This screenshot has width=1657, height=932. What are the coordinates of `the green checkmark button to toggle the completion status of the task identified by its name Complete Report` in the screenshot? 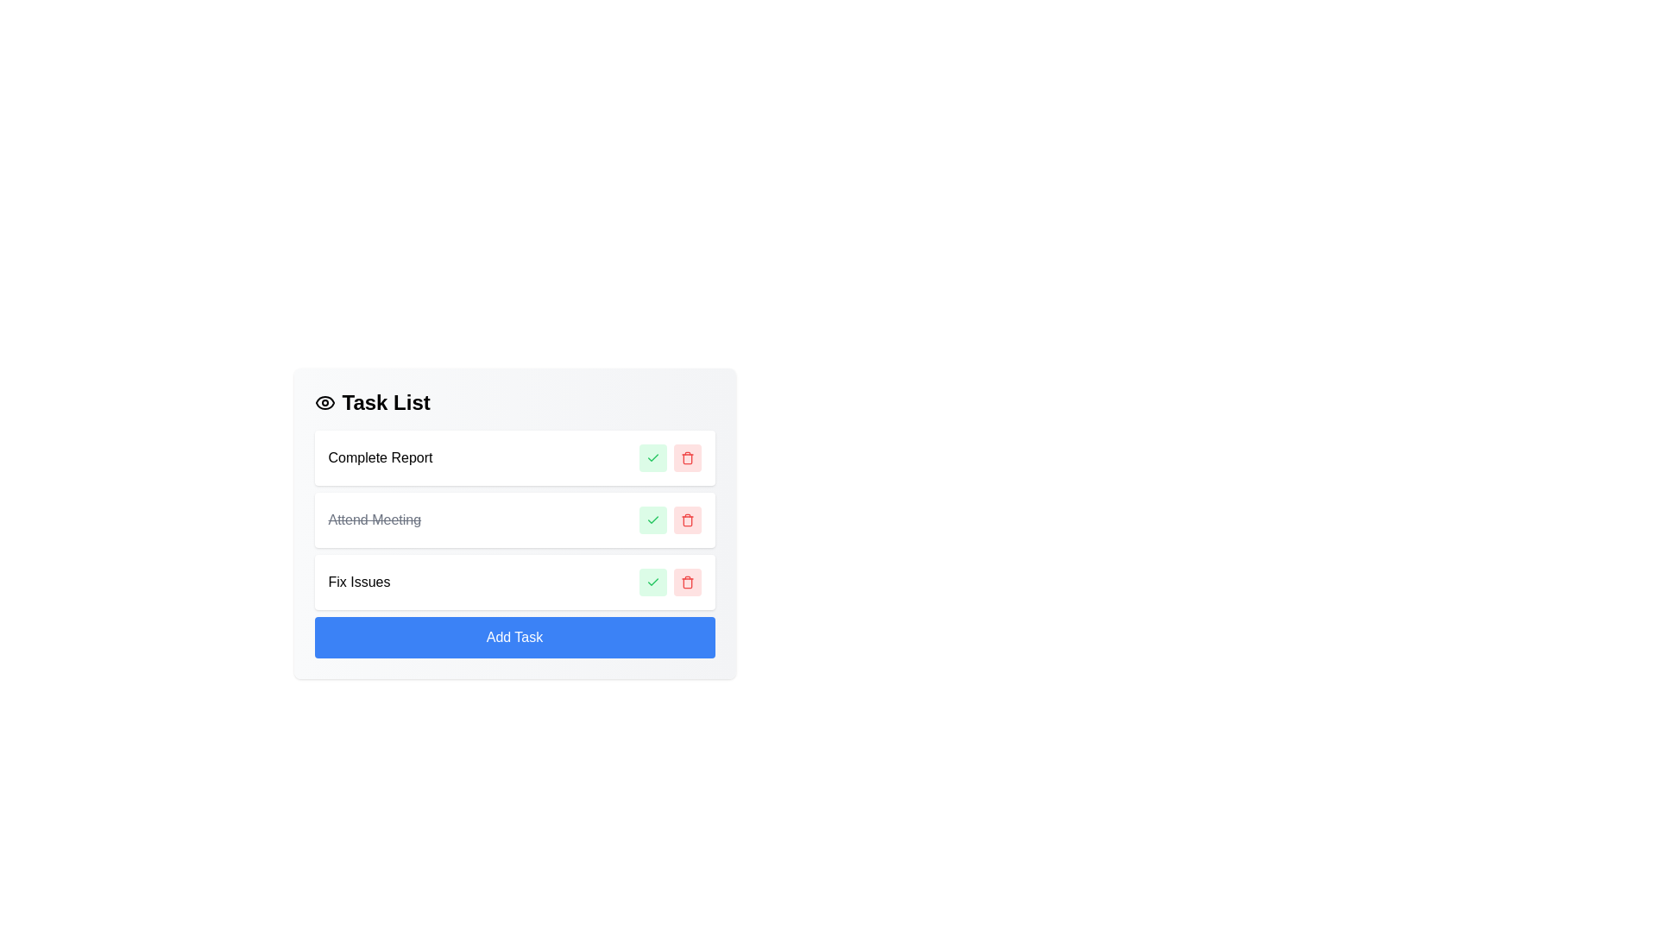 It's located at (652, 457).